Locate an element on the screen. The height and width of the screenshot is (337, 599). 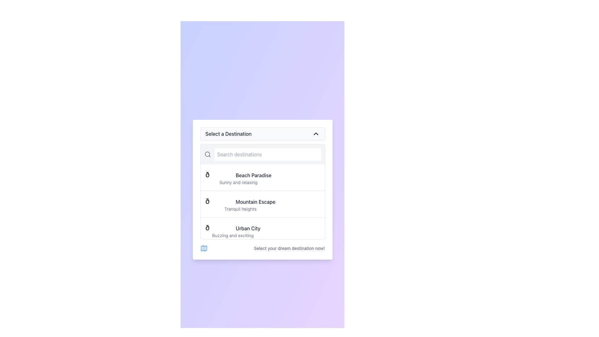
the Text Label that serves as a subtitle for the 'Mountain Escape' destination, located below the main title in the destination list within the modal is located at coordinates (240, 209).